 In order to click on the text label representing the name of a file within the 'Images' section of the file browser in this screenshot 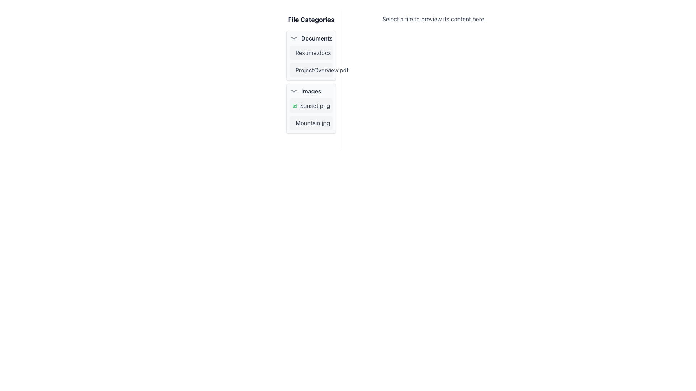, I will do `click(313, 122)`.